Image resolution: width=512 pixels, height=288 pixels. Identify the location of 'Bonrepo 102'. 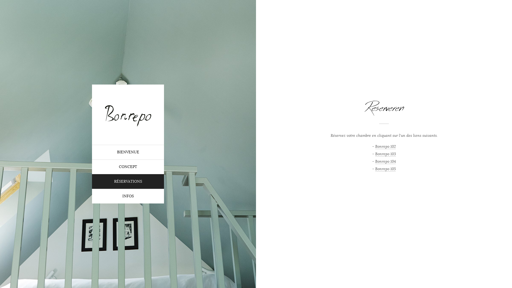
(375, 146).